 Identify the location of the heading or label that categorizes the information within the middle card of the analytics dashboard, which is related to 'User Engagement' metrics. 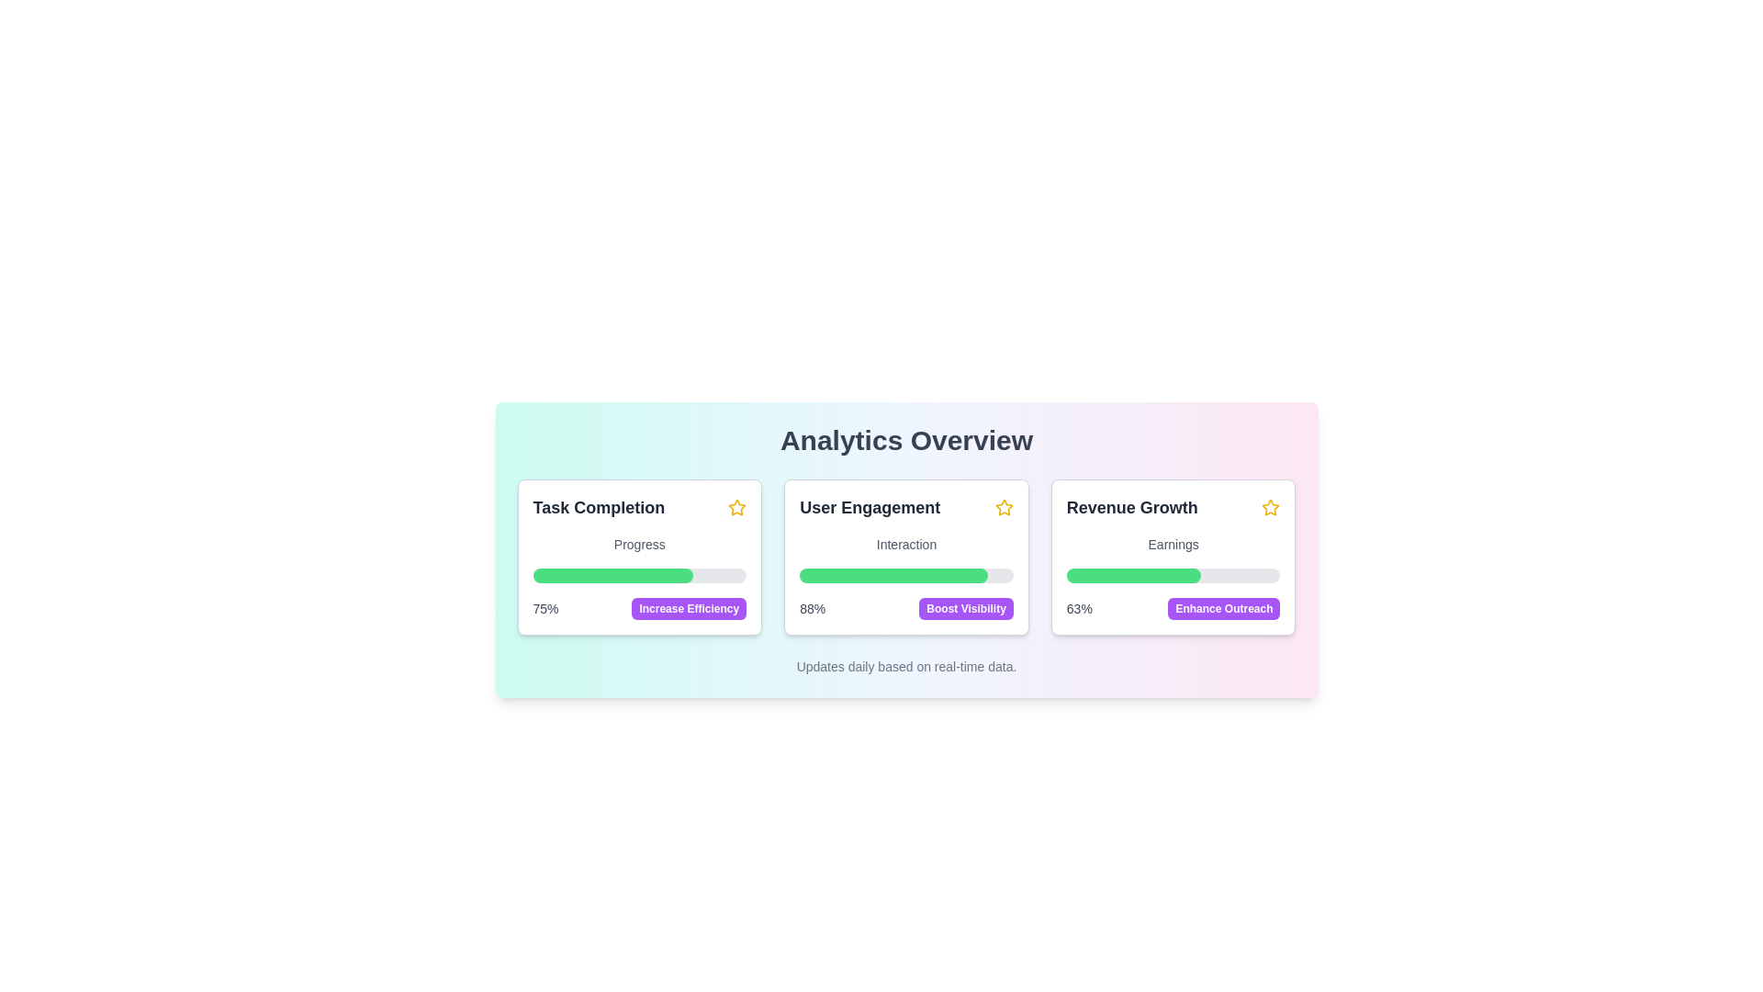
(869, 507).